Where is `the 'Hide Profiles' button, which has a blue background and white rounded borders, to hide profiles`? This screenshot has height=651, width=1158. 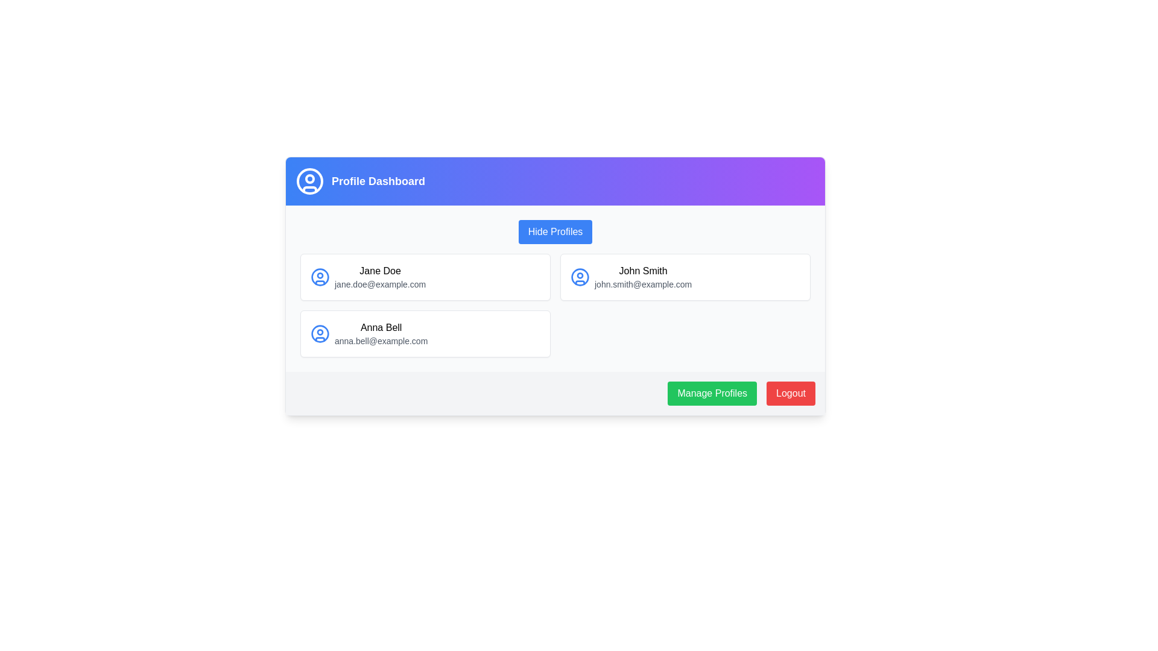
the 'Hide Profiles' button, which has a blue background and white rounded borders, to hide profiles is located at coordinates (555, 232).